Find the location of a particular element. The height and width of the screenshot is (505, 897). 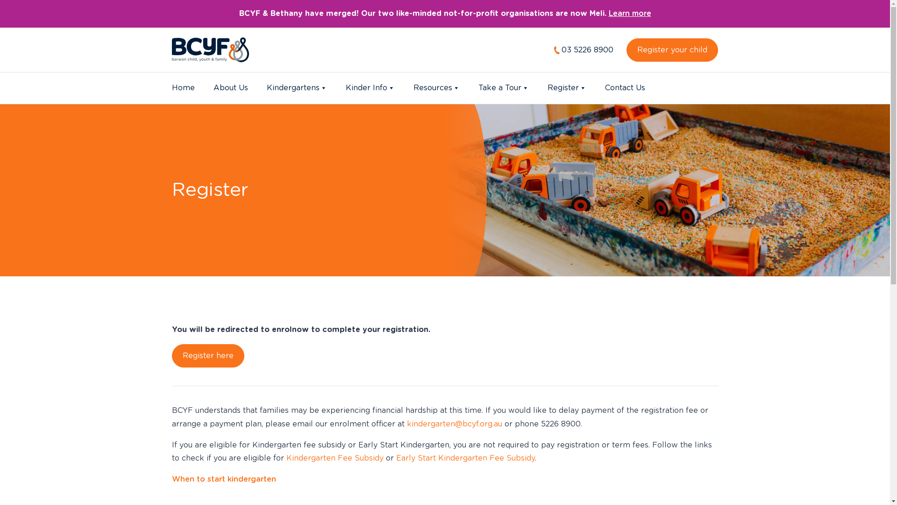

'Kindergarten Fee Subsidy' is located at coordinates (334, 457).